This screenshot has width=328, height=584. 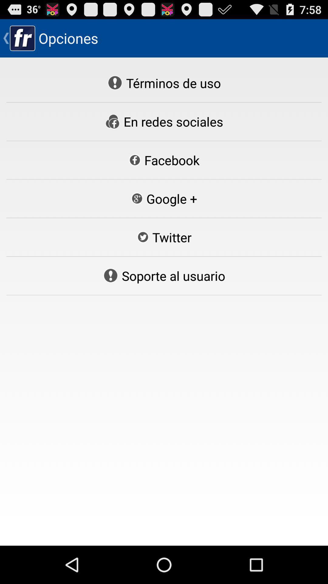 I want to click on the icon below google + item, so click(x=164, y=237).